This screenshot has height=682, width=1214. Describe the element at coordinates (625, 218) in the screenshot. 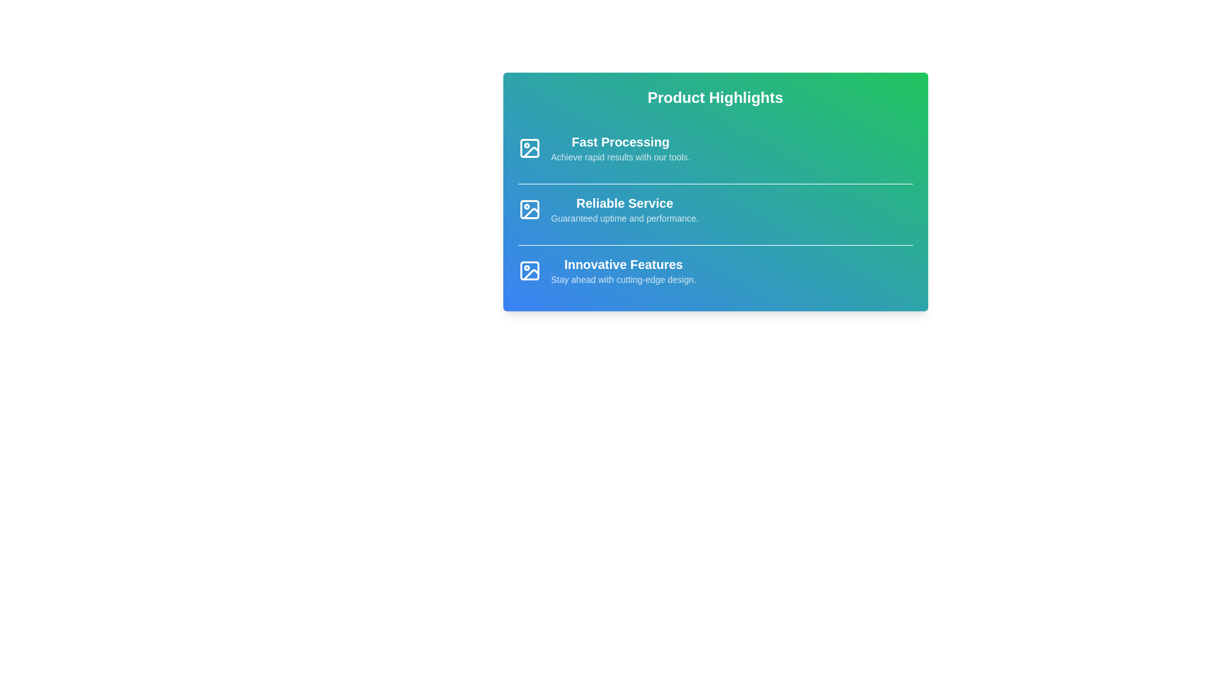

I see `the text label that reads 'Guaranteed uptime and performance,' which is styled in a smaller font under the heading 'Reliable Service' within the 'Product Highlights' panel` at that location.